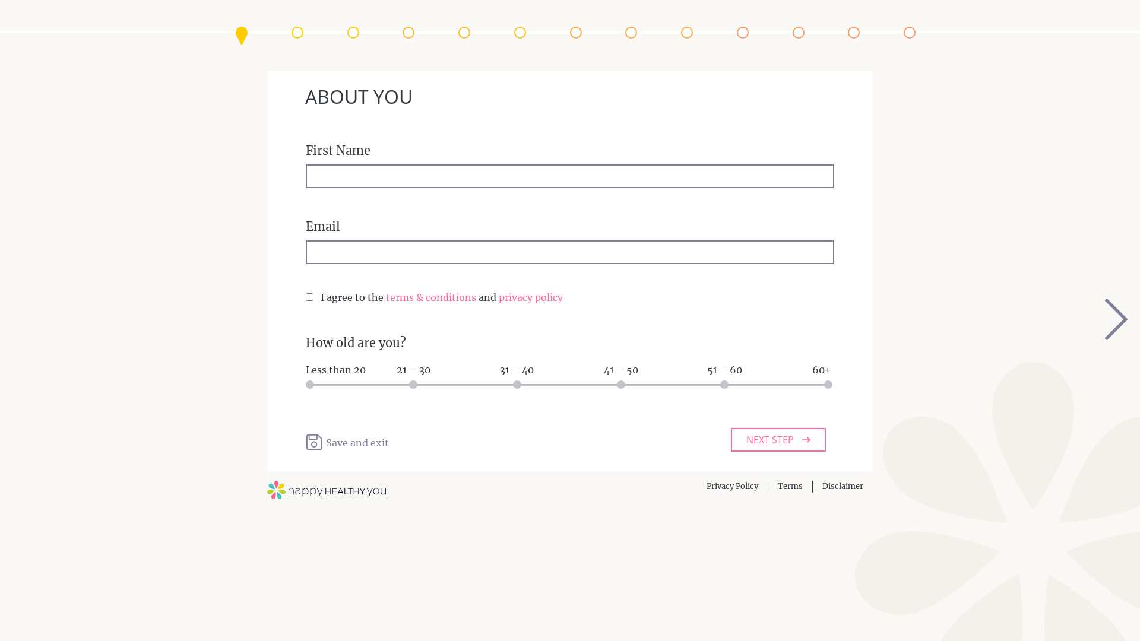  What do you see at coordinates (430, 297) in the screenshot?
I see `'terms & conditions'` at bounding box center [430, 297].